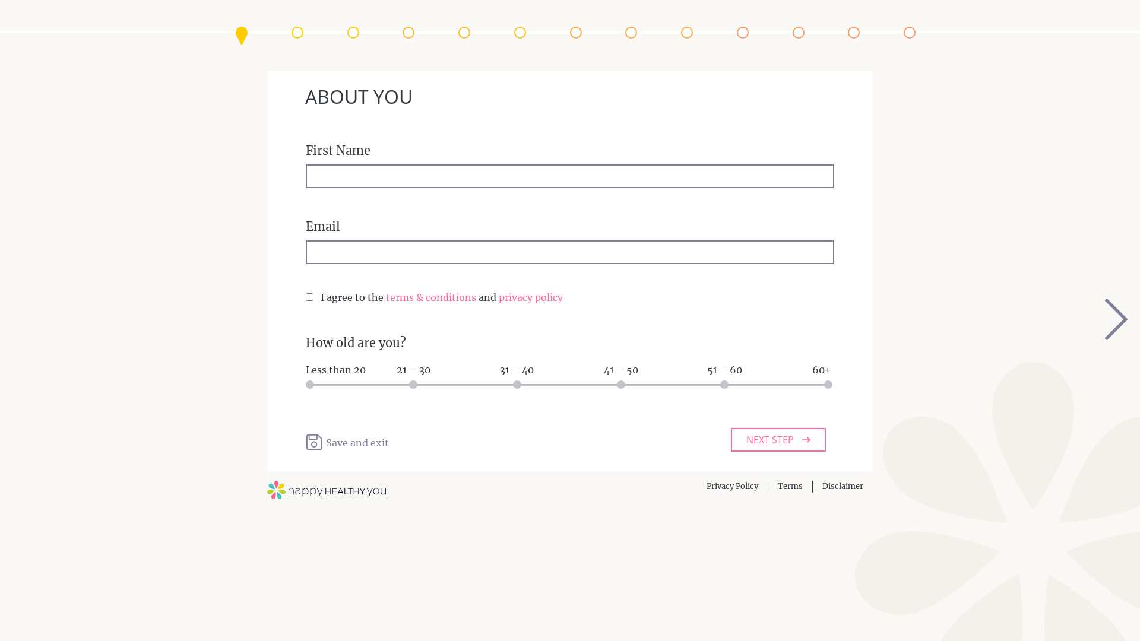  What do you see at coordinates (430, 297) in the screenshot?
I see `'terms & conditions'` at bounding box center [430, 297].